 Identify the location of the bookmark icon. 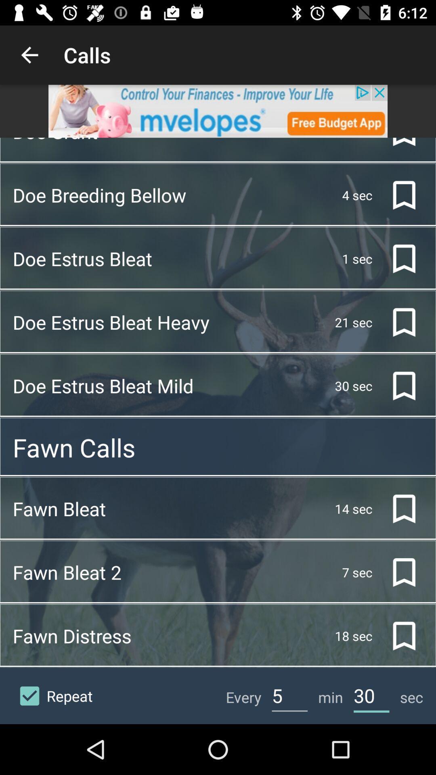
(397, 385).